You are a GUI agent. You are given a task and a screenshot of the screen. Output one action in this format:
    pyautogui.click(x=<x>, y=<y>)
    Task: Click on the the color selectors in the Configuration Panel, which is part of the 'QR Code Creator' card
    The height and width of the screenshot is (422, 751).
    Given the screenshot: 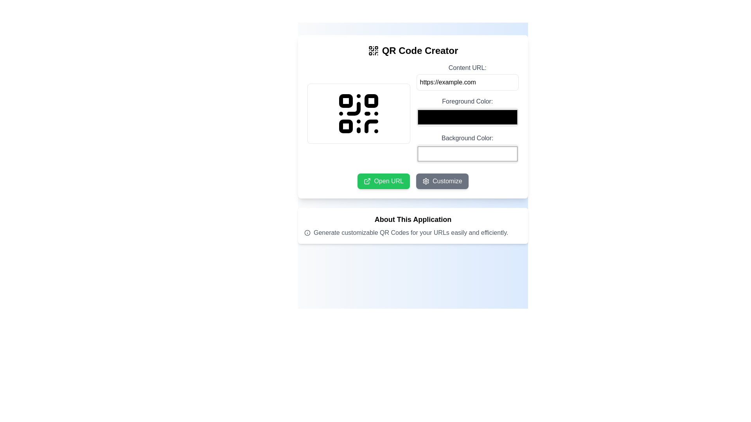 What is the action you would take?
    pyautogui.click(x=413, y=113)
    